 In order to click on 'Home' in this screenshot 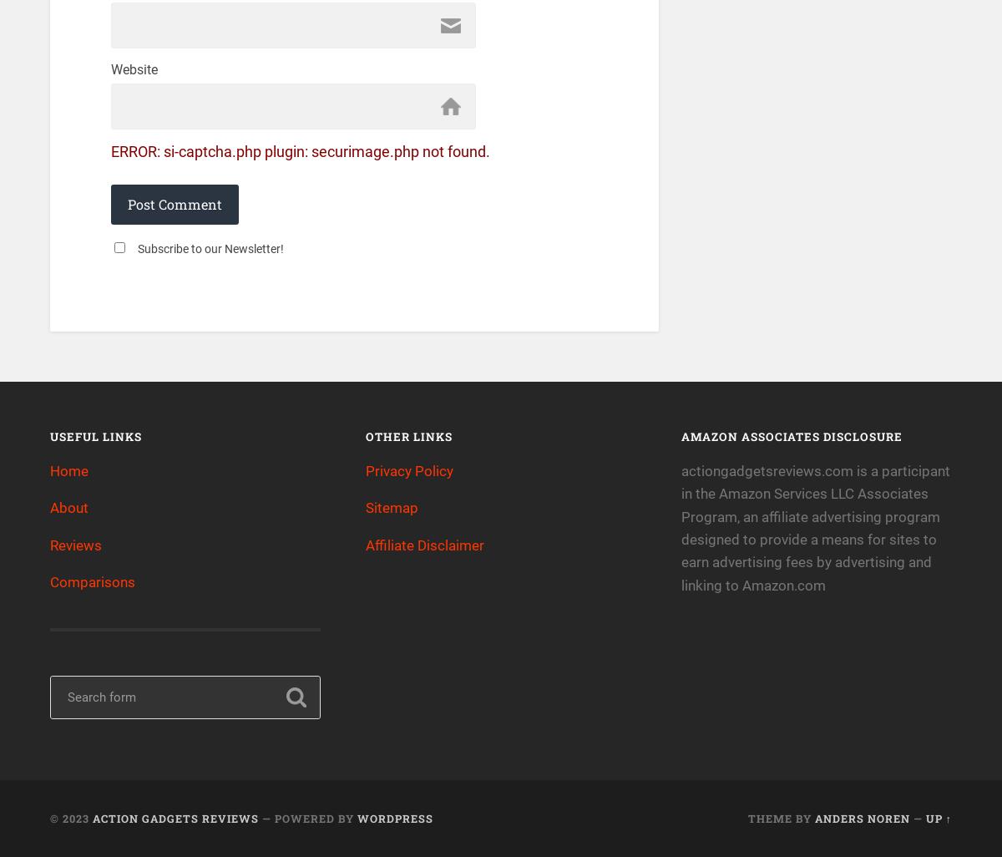, I will do `click(69, 469)`.